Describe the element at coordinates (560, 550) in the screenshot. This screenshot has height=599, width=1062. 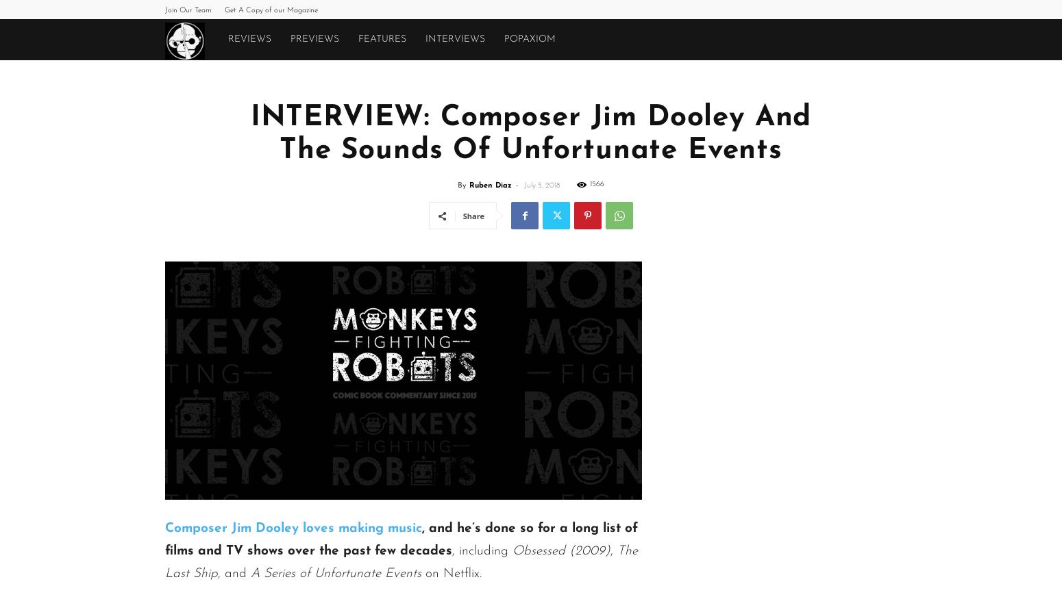
I see `'Obsessed (2009)'` at that location.